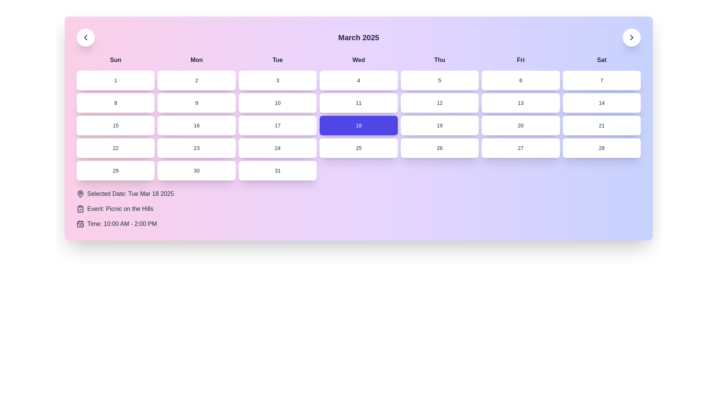 This screenshot has height=406, width=722. I want to click on the navigation button located at the top-right corner of the interface, aligned with the text 'March 2025', to trigger hover effects, so click(632, 38).